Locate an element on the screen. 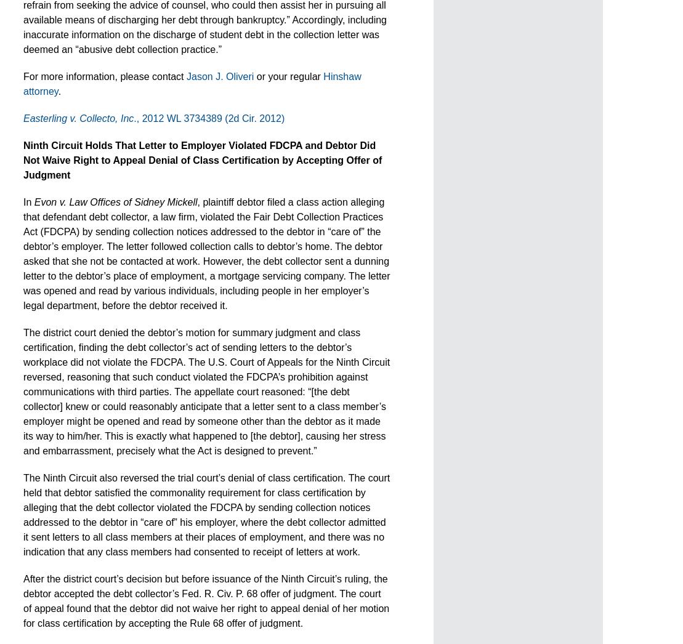  'After the district court’s decision but before issuance of the Ninth Circuit’s ruling, the debtor accepted the debt collector’s Fed. R. Civ. P. 68 offer of judgment. The court of appeal found that the debtor did not waive her right to appeal denial of her motion for class certification by accepting the Rule 68 offer of judgment.' is located at coordinates (206, 600).